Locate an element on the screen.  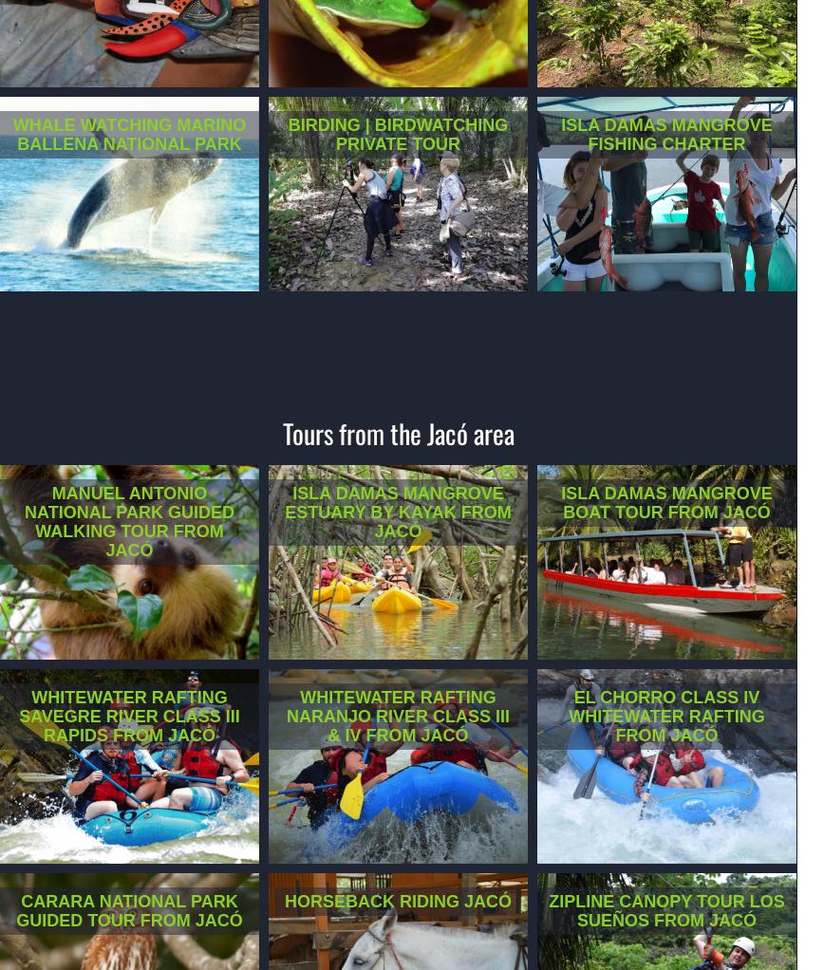
'Experience III class rapids on the cleanest river in Costa Rica and enjoy some white-water thrills.' is located at coordinates (129, 802).